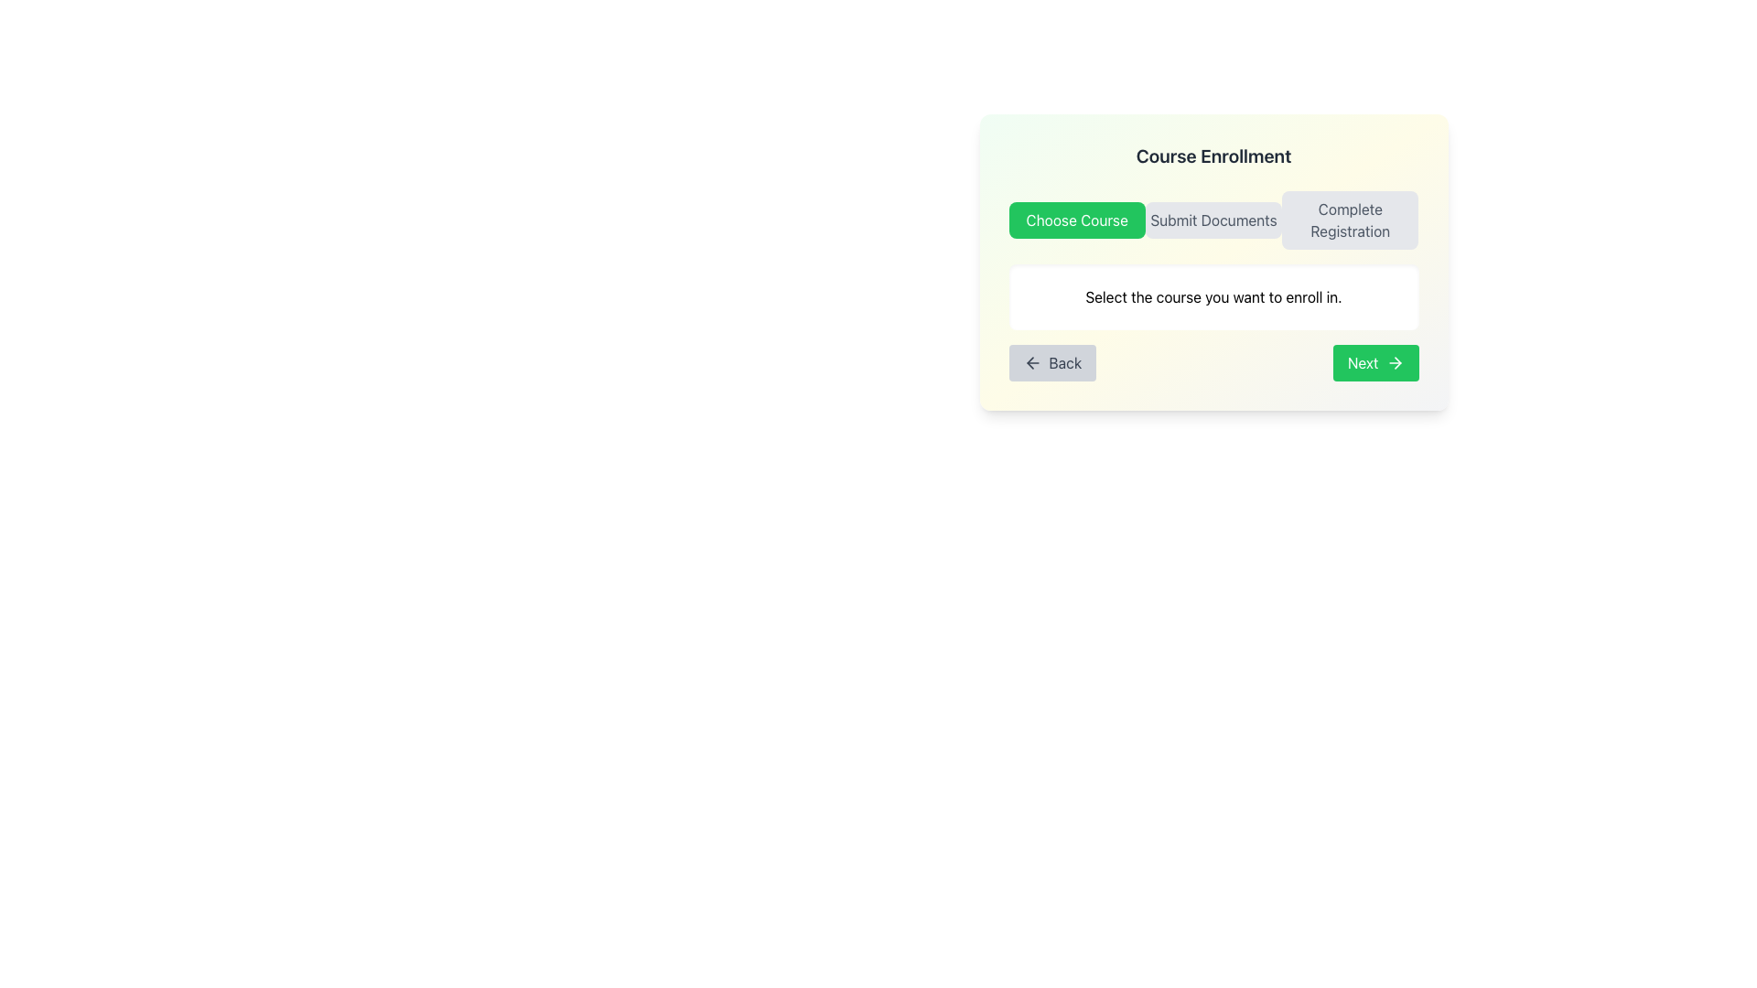  What do you see at coordinates (1052, 363) in the screenshot?
I see `the 'Back' button with a gray background and rounded edges, located at the bottom-left of the 'Course Enrollment' form` at bounding box center [1052, 363].